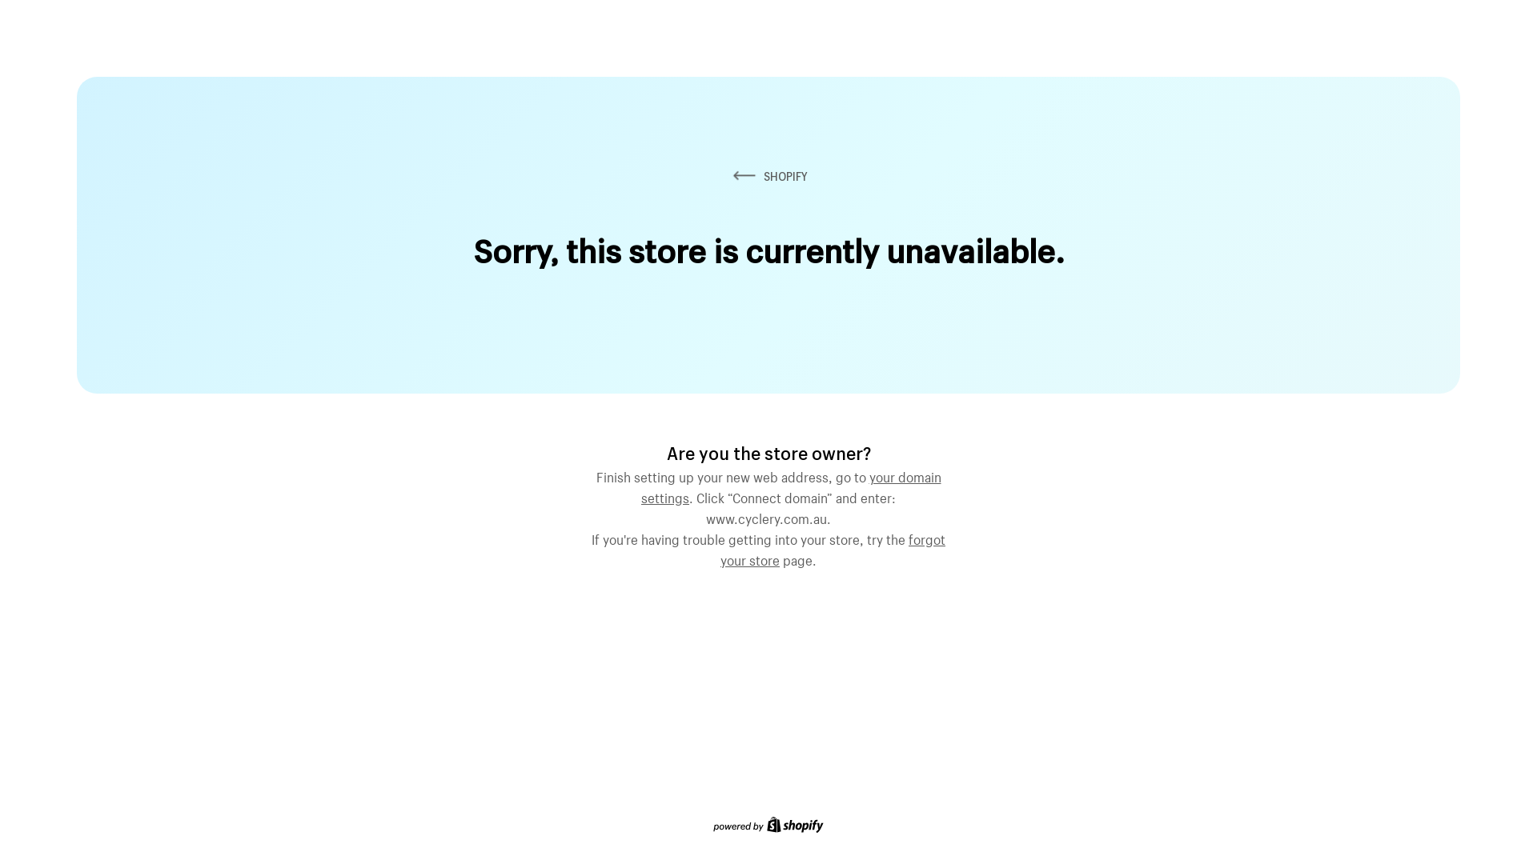 Image resolution: width=1537 pixels, height=864 pixels. What do you see at coordinates (791, 484) in the screenshot?
I see `'your domain settings'` at bounding box center [791, 484].